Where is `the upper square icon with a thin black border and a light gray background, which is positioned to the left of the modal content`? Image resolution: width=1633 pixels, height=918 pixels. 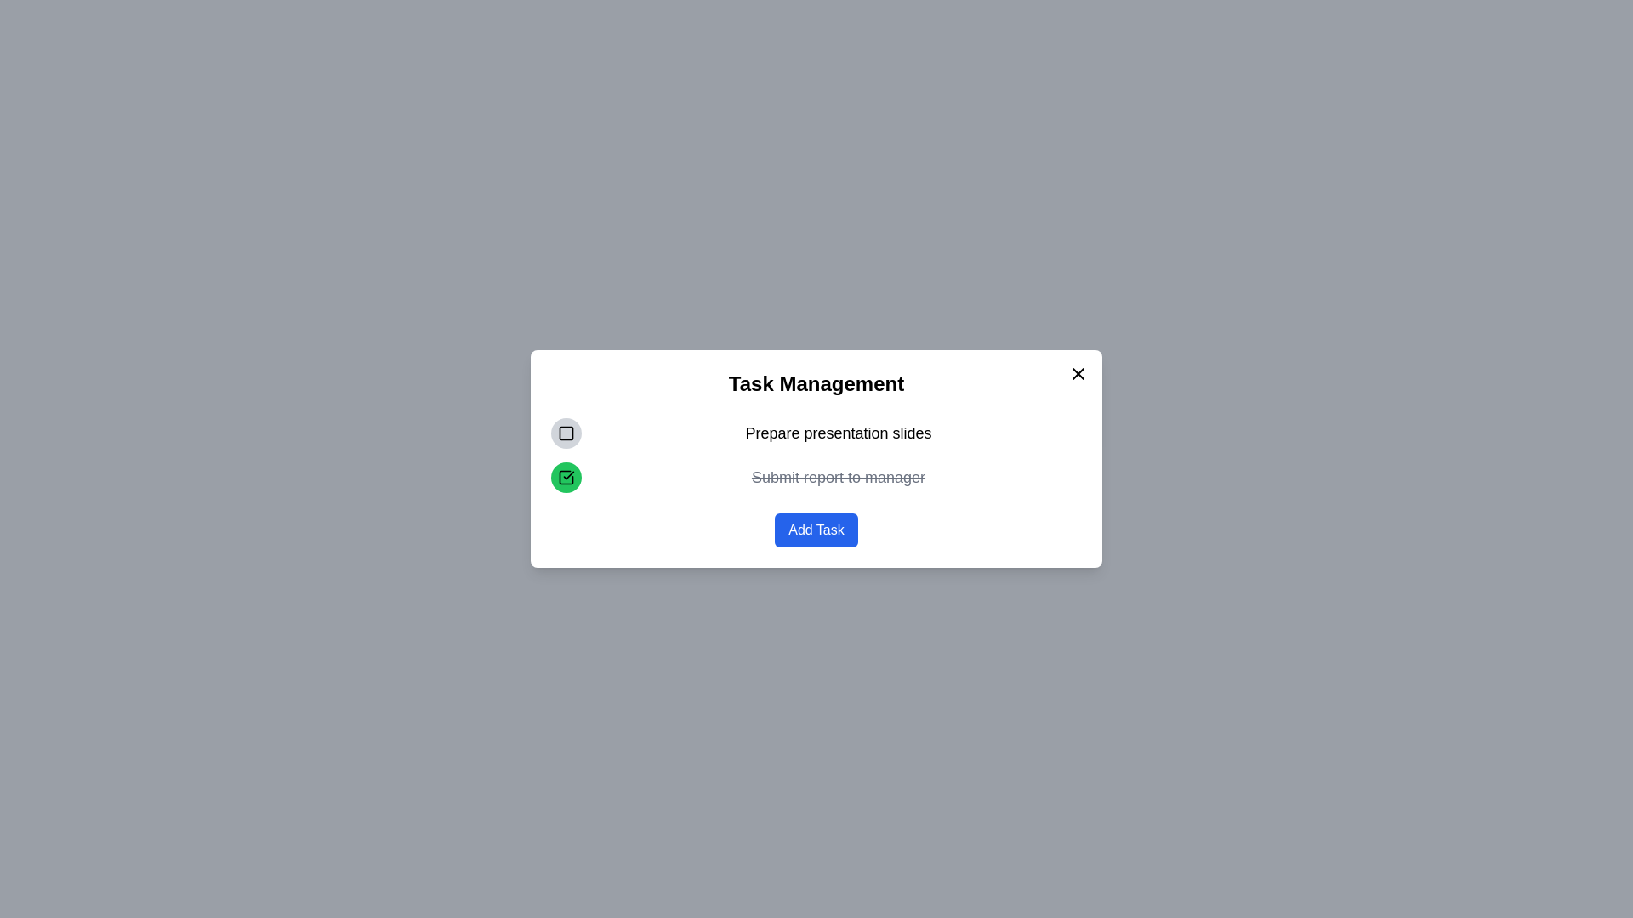 the upper square icon with a thin black border and a light gray background, which is positioned to the left of the modal content is located at coordinates (566, 432).